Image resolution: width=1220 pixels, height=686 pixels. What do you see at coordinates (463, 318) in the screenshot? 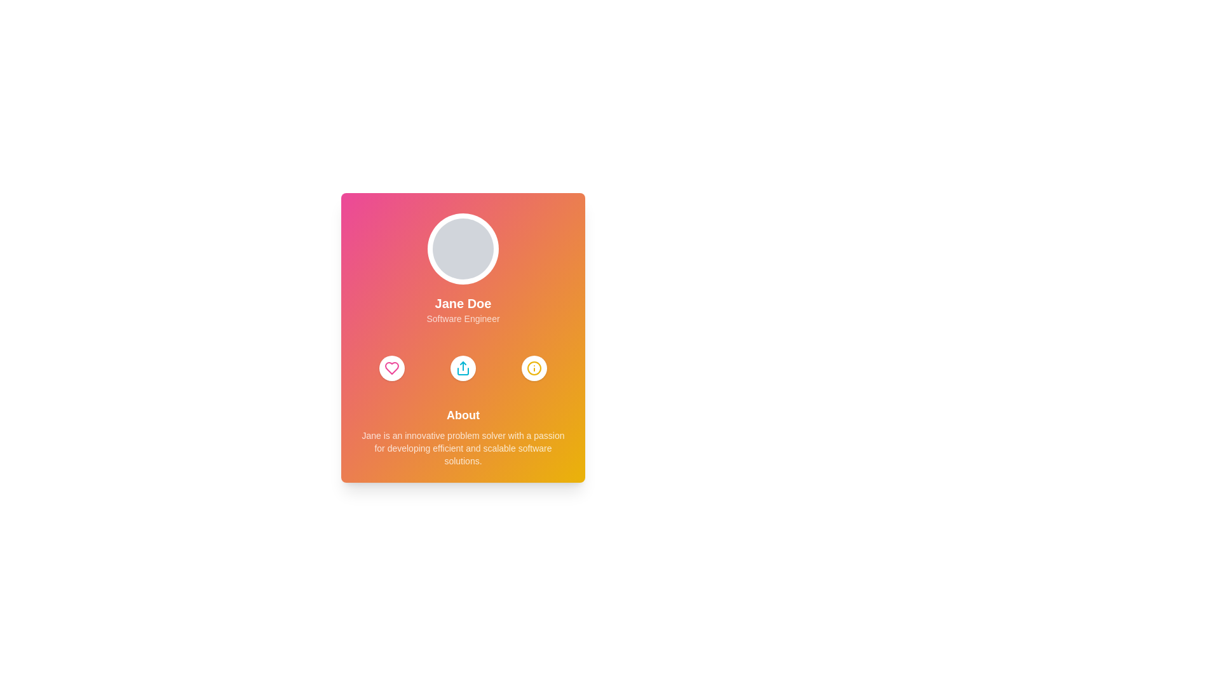
I see `the subtitle text label located at the bottom of the profile card for 'Jane Doe'` at bounding box center [463, 318].